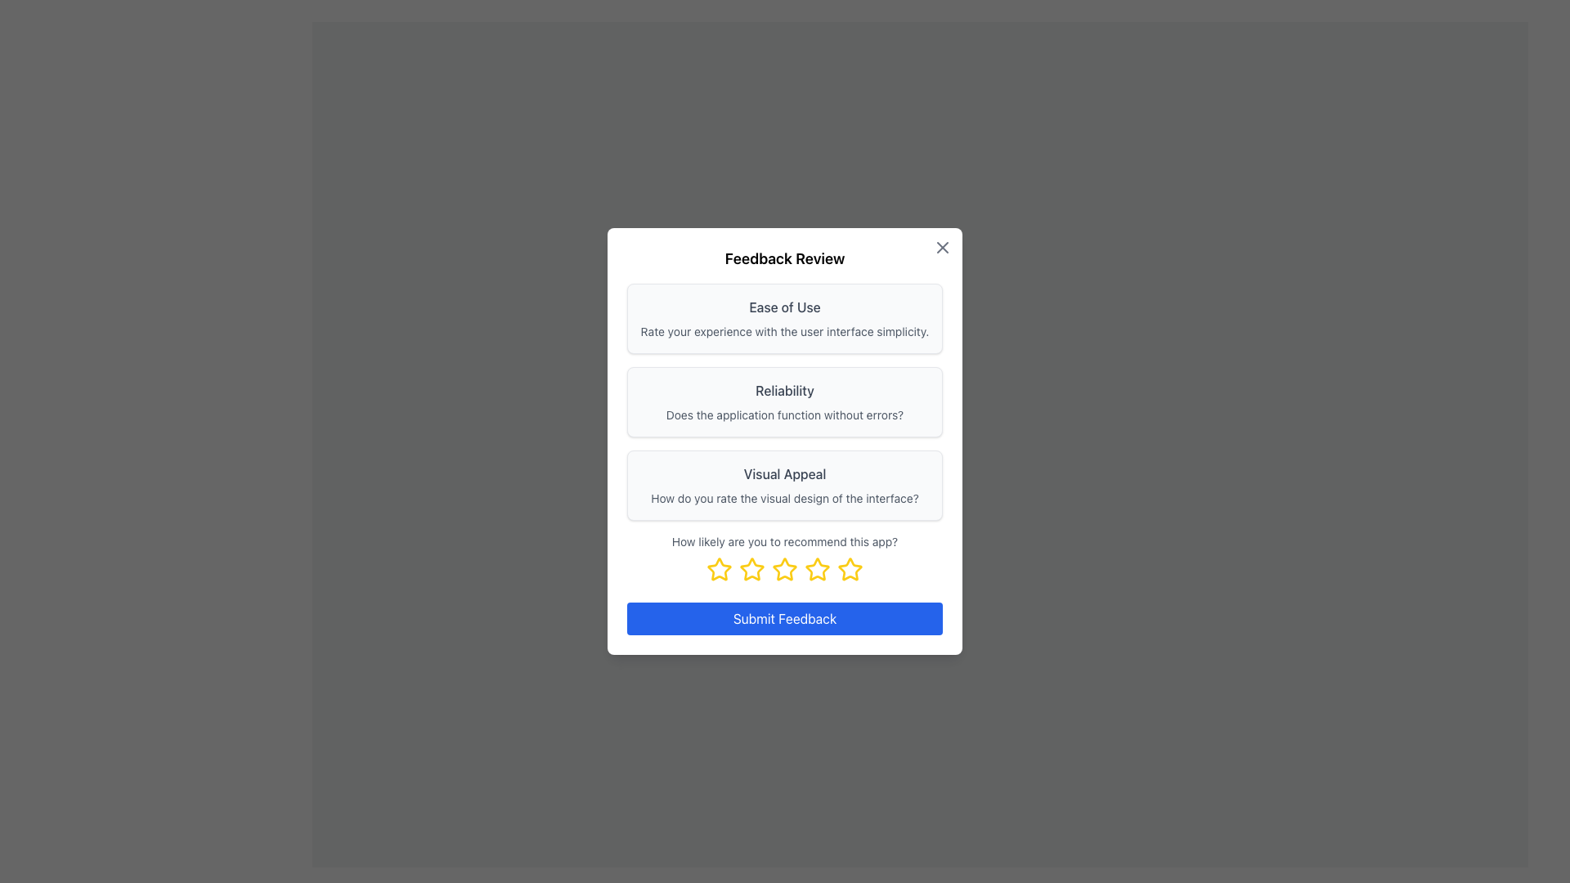 Image resolution: width=1570 pixels, height=883 pixels. I want to click on the text label that serves as a heading for the reliability section of the application, positioned above descriptive text in a bordered and rounded box, so click(785, 391).